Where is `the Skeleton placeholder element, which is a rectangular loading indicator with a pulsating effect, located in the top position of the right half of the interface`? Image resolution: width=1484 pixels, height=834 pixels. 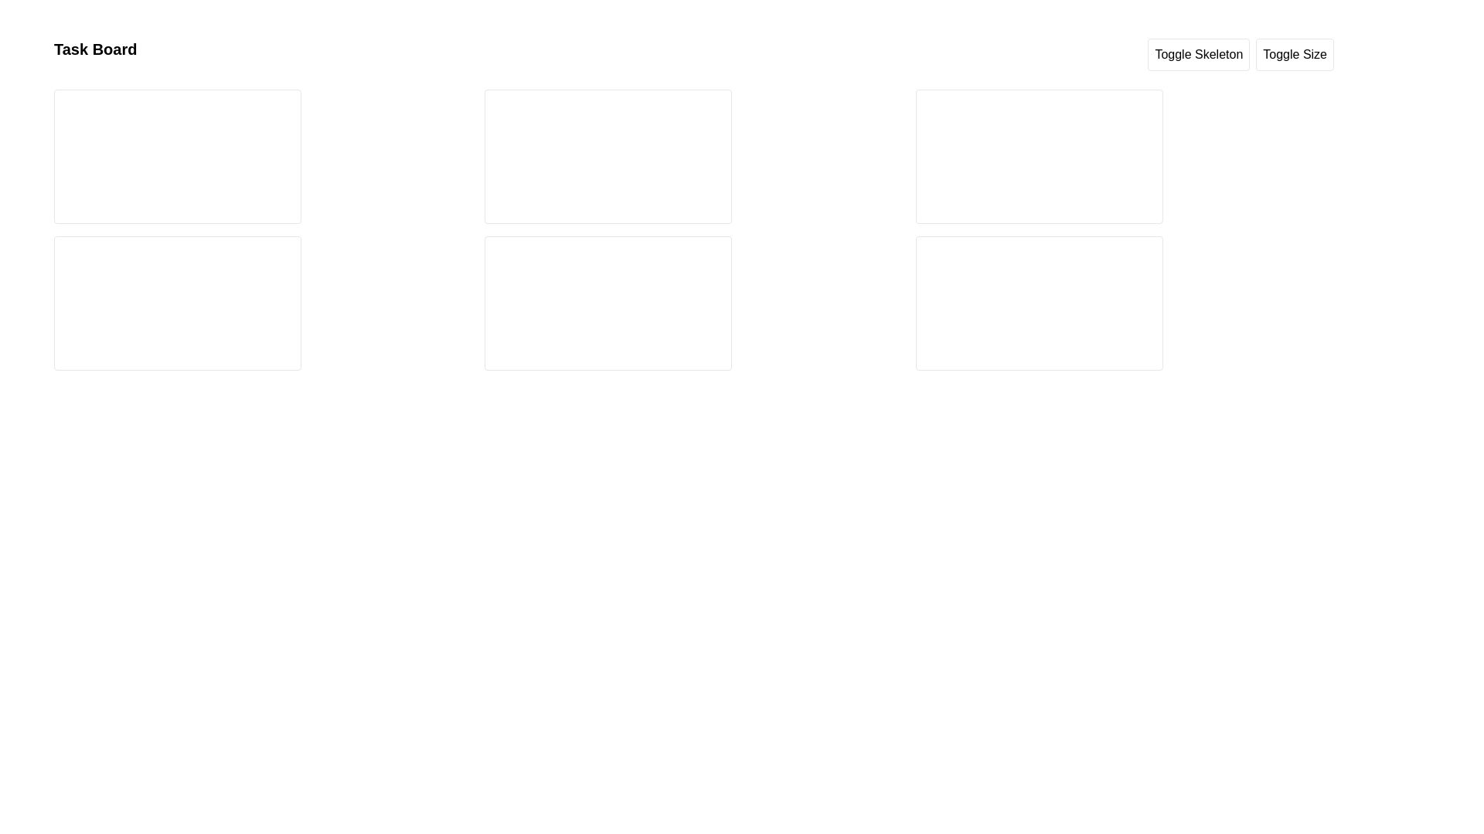 the Skeleton placeholder element, which is a rectangular loading indicator with a pulsating effect, located in the top position of the right half of the interface is located at coordinates (1035, 256).